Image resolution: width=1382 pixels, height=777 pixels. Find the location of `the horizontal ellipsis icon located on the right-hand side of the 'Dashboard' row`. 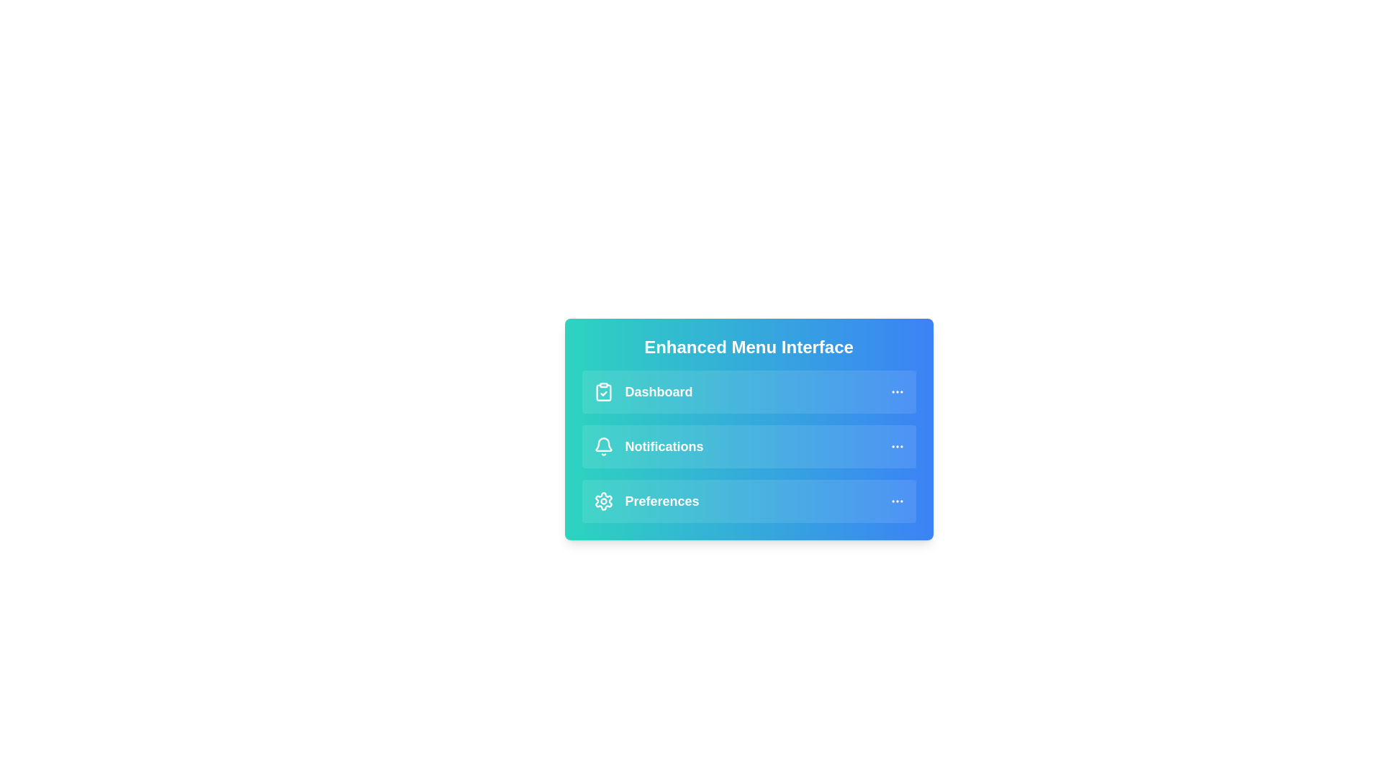

the horizontal ellipsis icon located on the right-hand side of the 'Dashboard' row is located at coordinates (896, 391).